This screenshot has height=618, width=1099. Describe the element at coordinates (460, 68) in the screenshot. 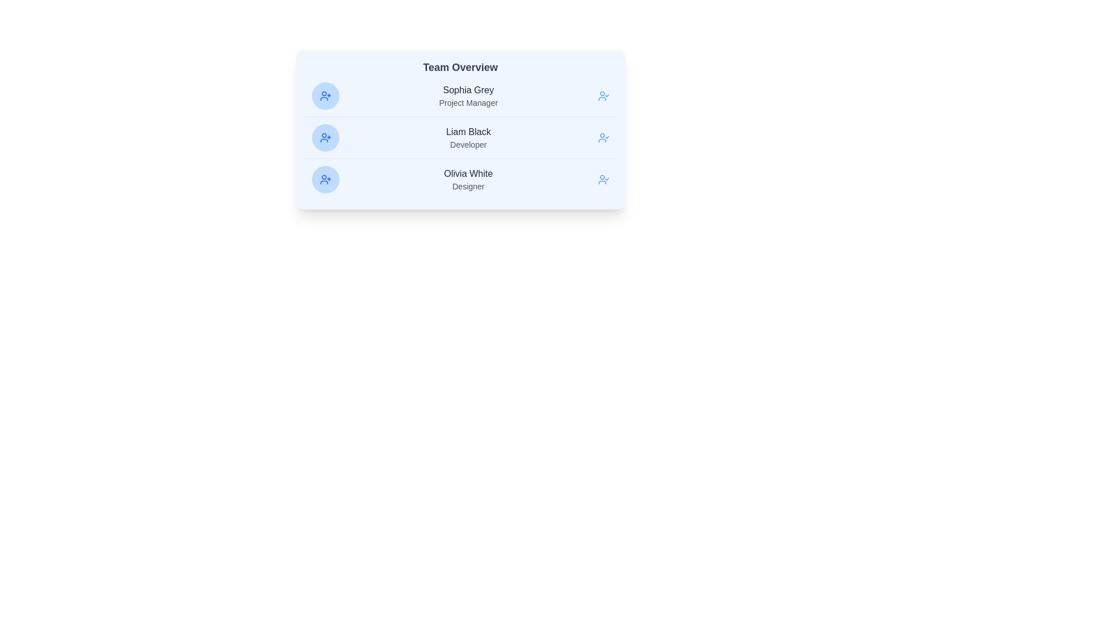

I see `text of the heading Text Label located at the top of the team overview card, which indicates the nature of the information displayed below` at that location.